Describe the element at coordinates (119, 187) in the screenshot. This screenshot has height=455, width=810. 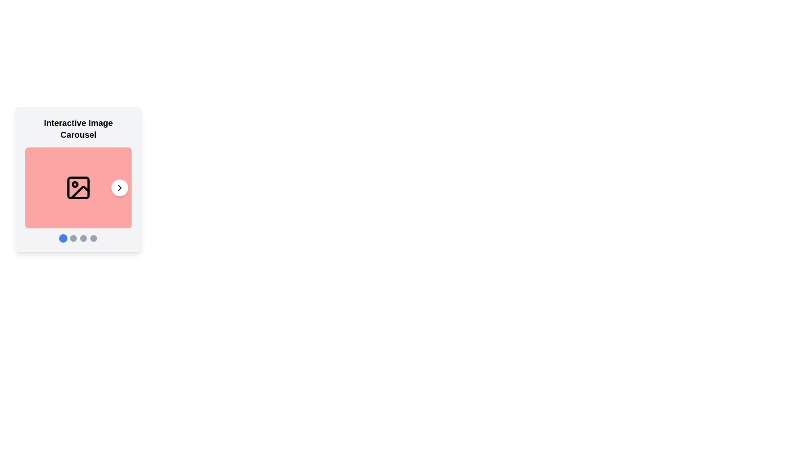
I see `the rightmost button of the carousel to change its background color` at that location.